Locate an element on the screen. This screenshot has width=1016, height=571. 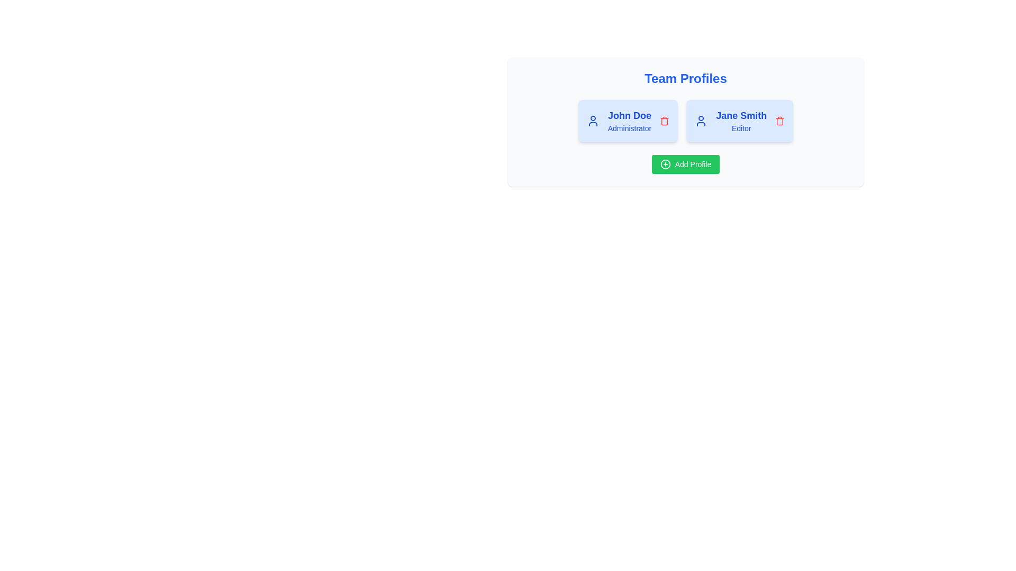
the trash icon next to the profile Jane Smith to remove it is located at coordinates (780, 120).